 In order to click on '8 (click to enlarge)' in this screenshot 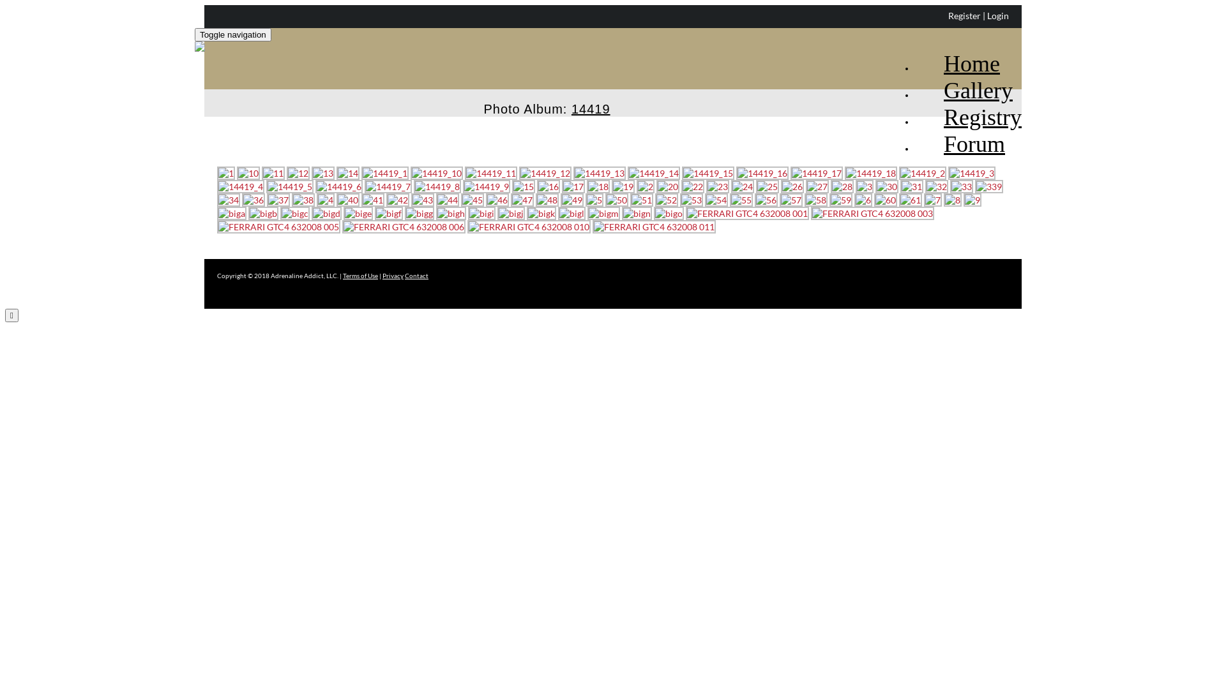, I will do `click(953, 200)`.